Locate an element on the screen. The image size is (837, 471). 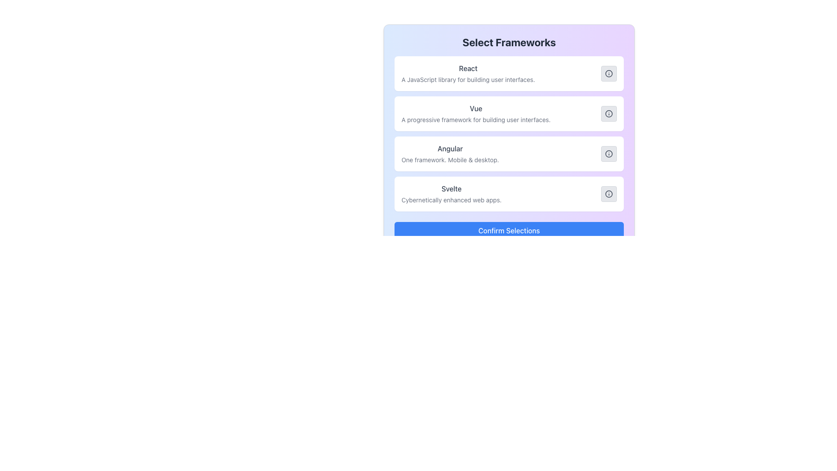
the Header Text element that serves as the title header for the selection panel, which is located at the top of a rounded card-like panel with a gradient background is located at coordinates (509, 42).